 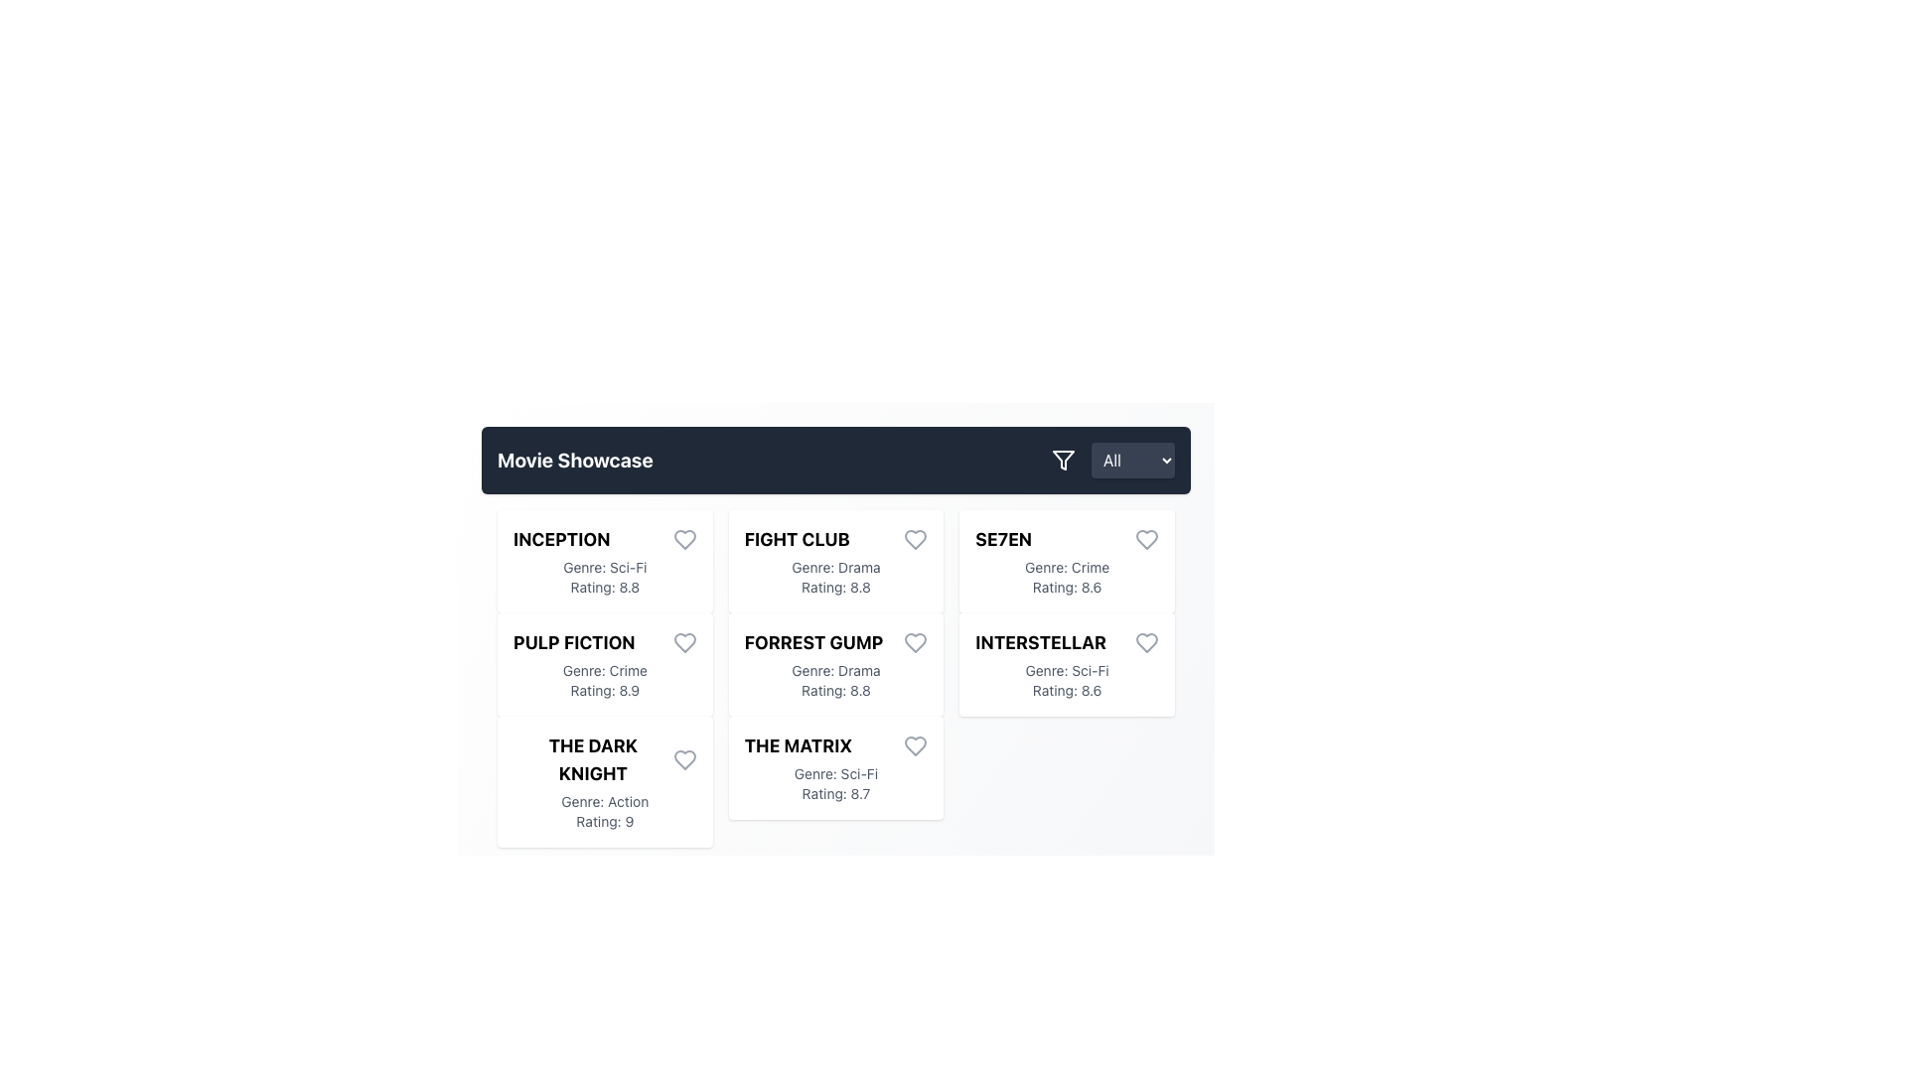 I want to click on the heart icon located in the last card of the bottom row of the grid layout, to the right of the text displaying 'Rating: 8.7', to favorite the movie, so click(x=915, y=746).